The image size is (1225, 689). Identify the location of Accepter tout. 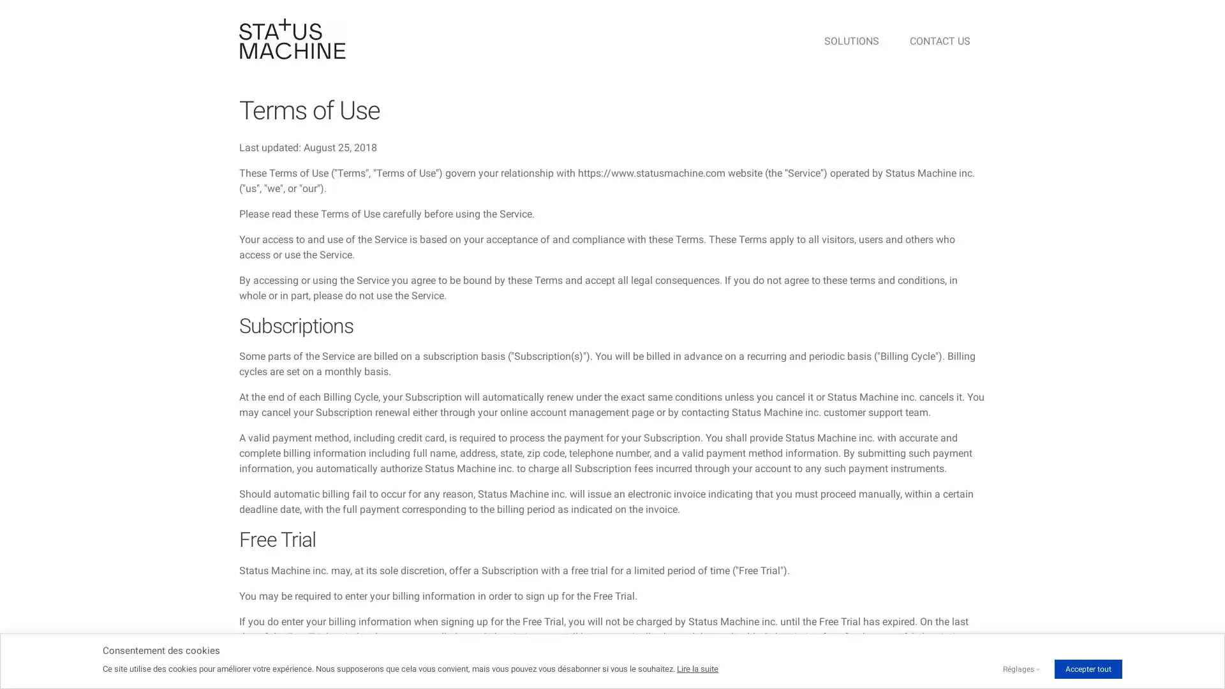
(1087, 669).